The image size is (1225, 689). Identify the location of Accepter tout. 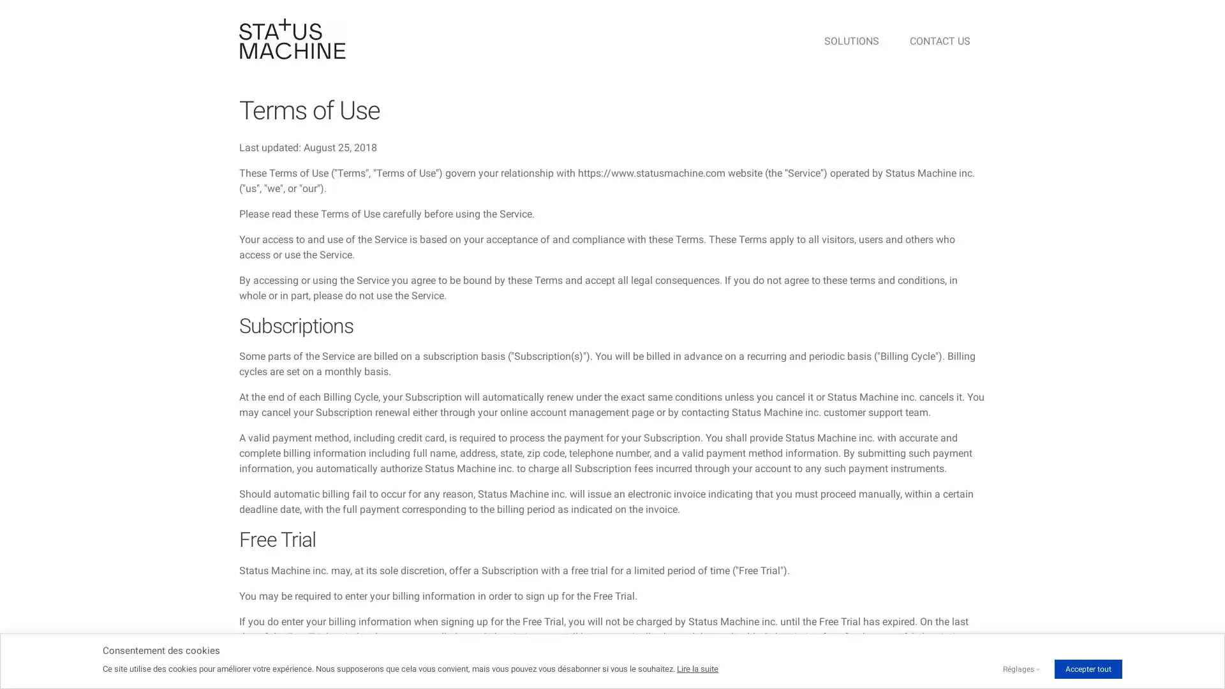
(1087, 669).